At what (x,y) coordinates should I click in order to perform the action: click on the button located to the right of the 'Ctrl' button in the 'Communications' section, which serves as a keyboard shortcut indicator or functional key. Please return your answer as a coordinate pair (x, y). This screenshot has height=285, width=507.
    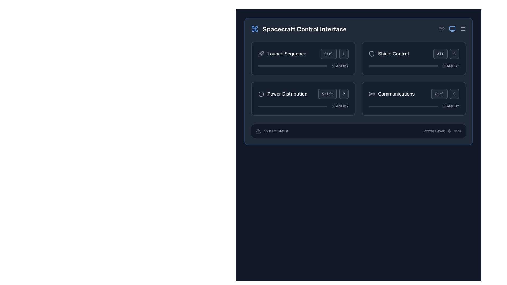
    Looking at the image, I should click on (454, 93).